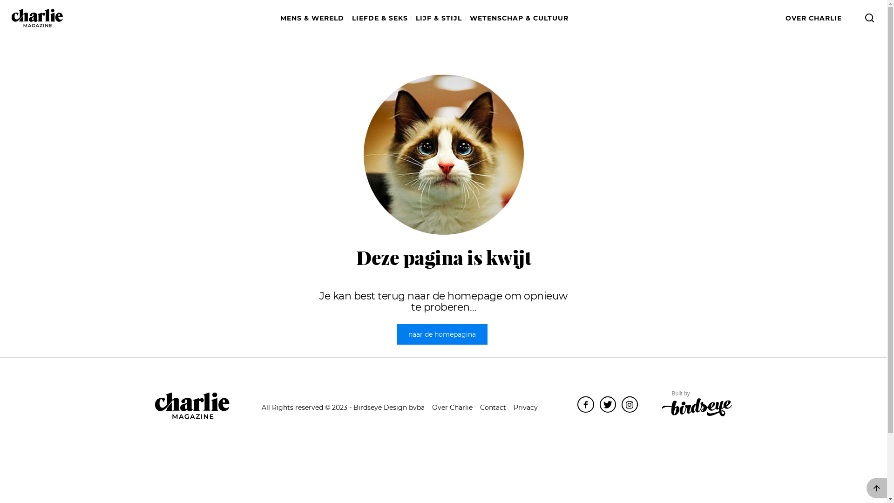 The image size is (894, 503). I want to click on 'OVER CHARLIE', so click(785, 18).